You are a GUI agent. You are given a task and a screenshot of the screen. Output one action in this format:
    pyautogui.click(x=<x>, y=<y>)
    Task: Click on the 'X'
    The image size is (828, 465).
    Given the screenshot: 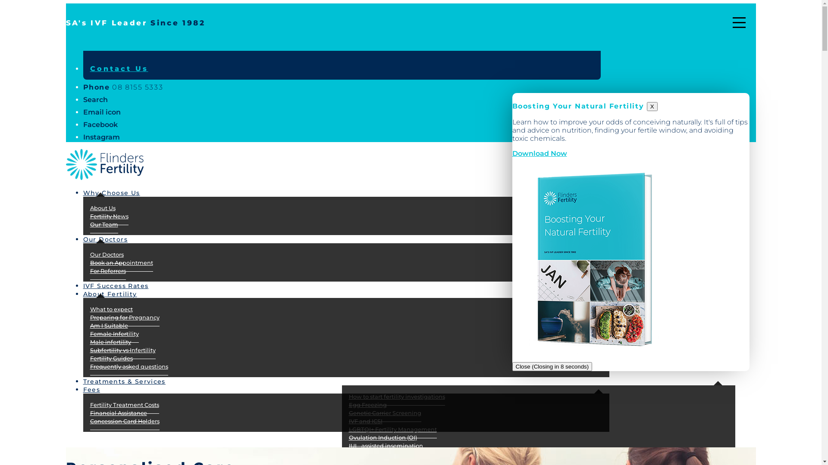 What is the action you would take?
    pyautogui.click(x=652, y=106)
    